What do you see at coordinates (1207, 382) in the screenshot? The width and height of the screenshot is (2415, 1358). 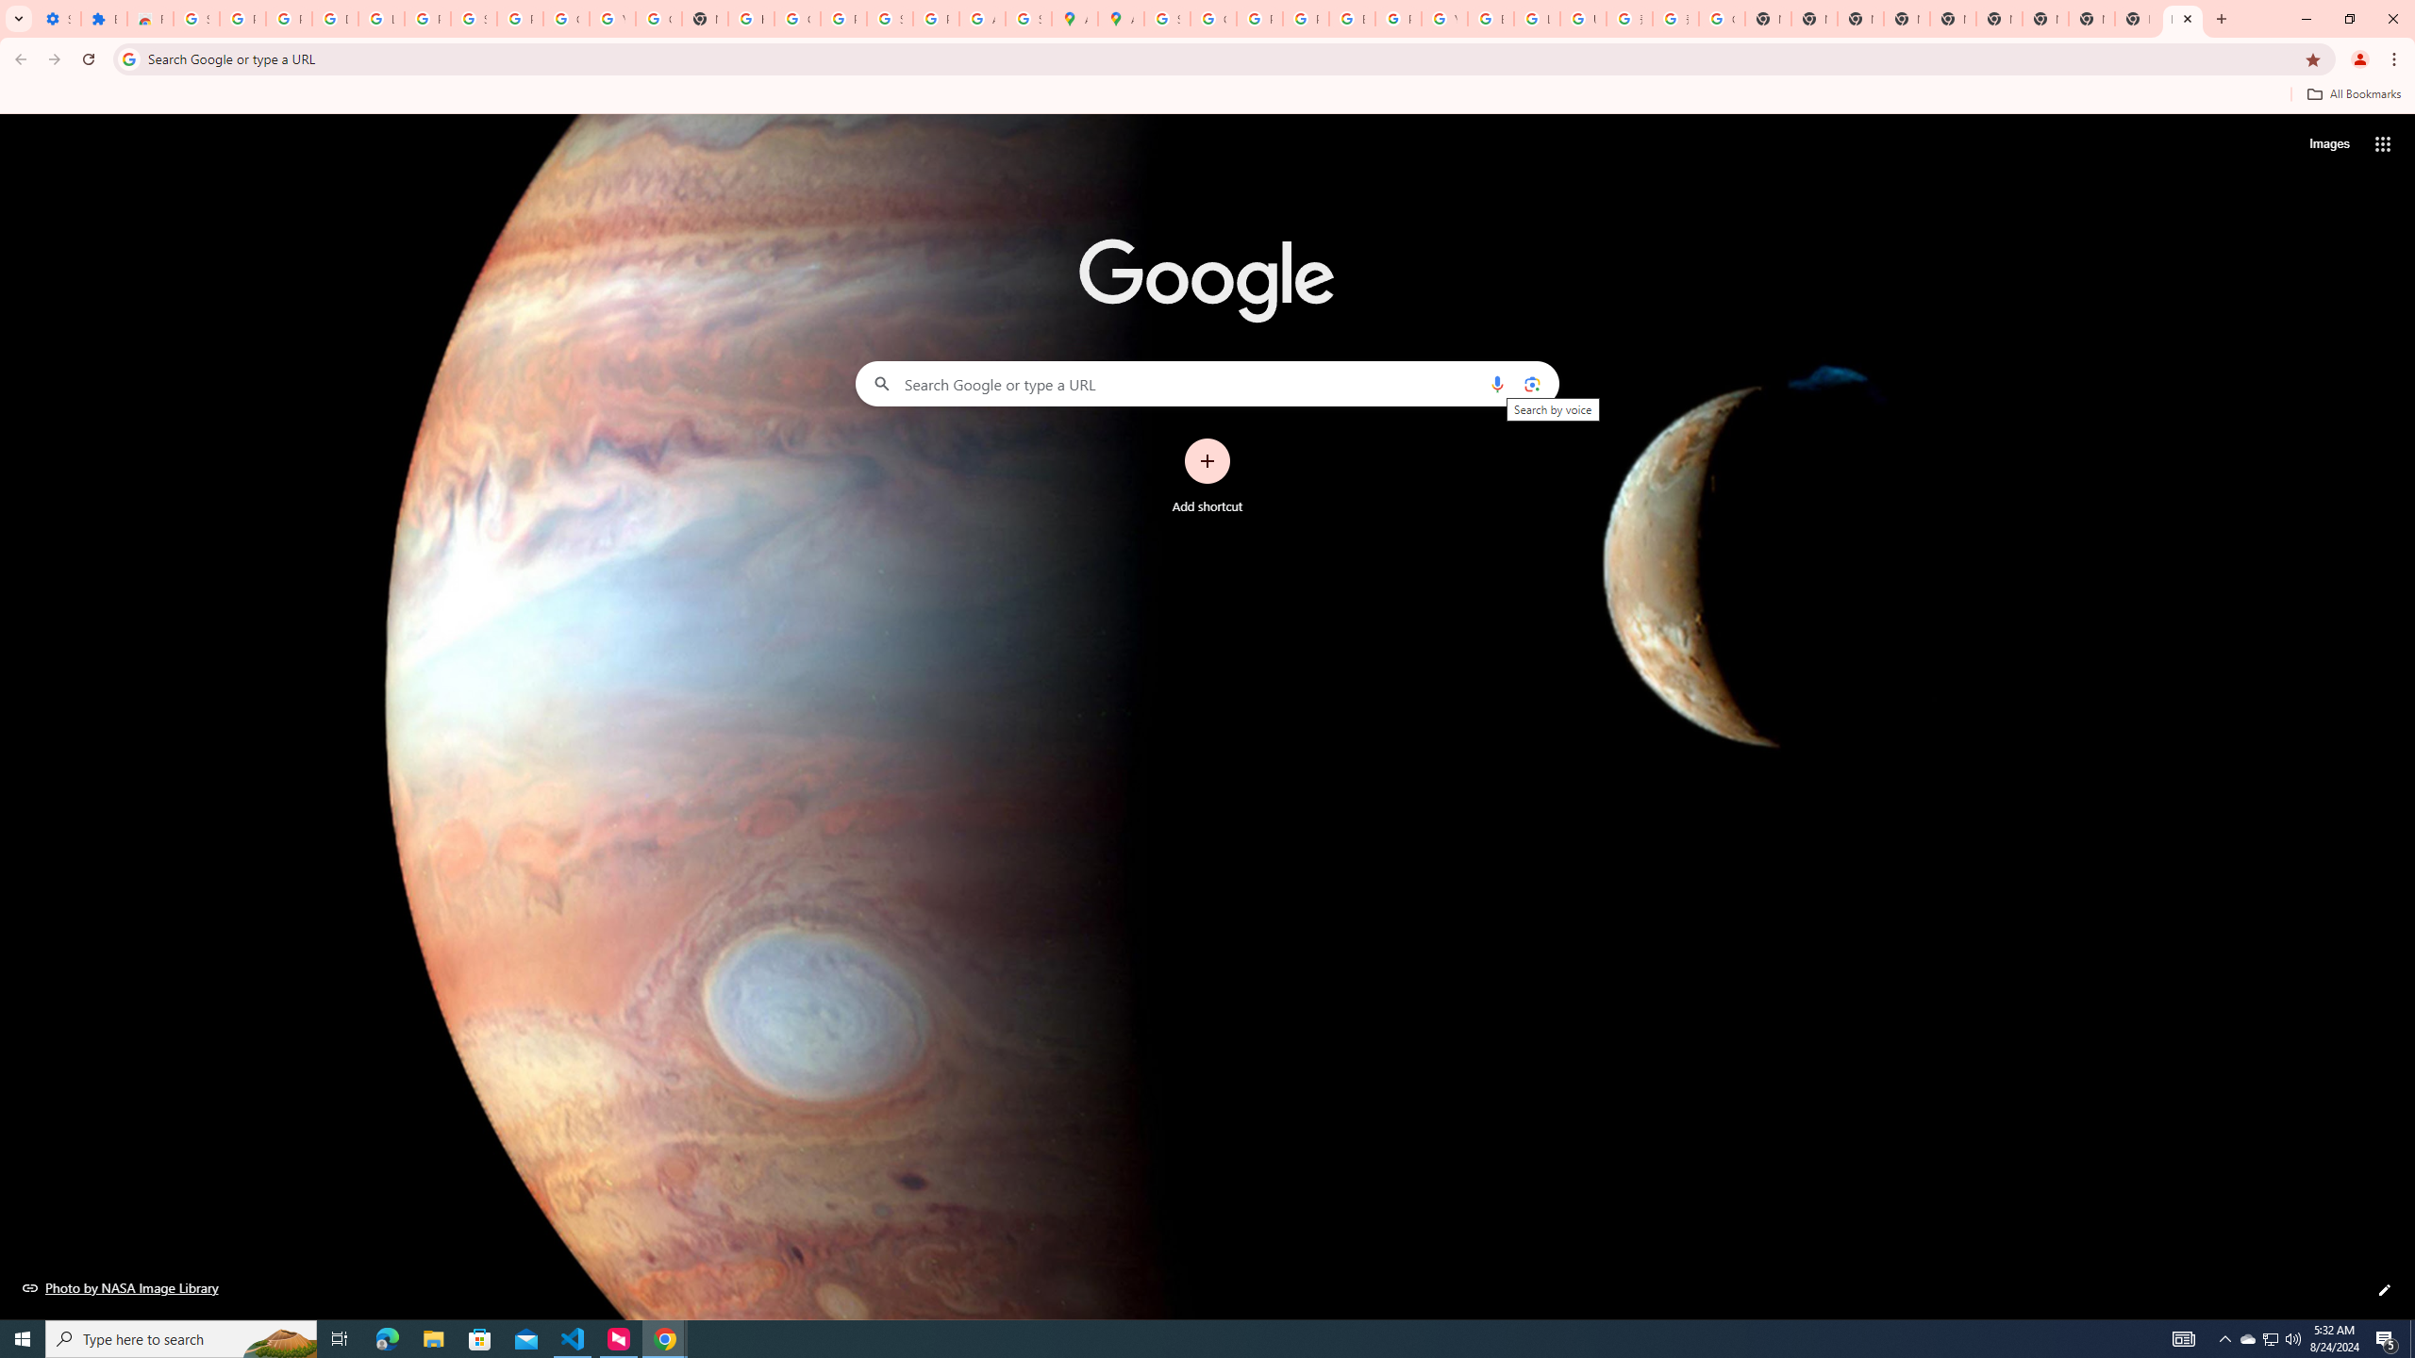 I see `'Search Google or type a URL'` at bounding box center [1207, 382].